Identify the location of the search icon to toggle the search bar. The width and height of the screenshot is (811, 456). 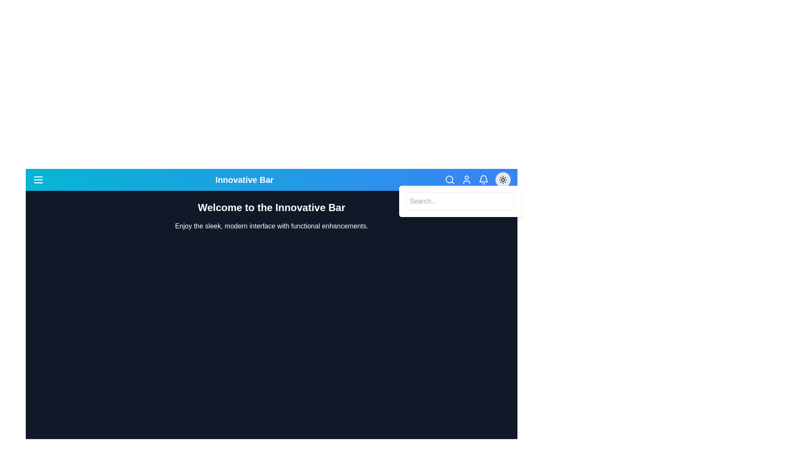
(449, 179).